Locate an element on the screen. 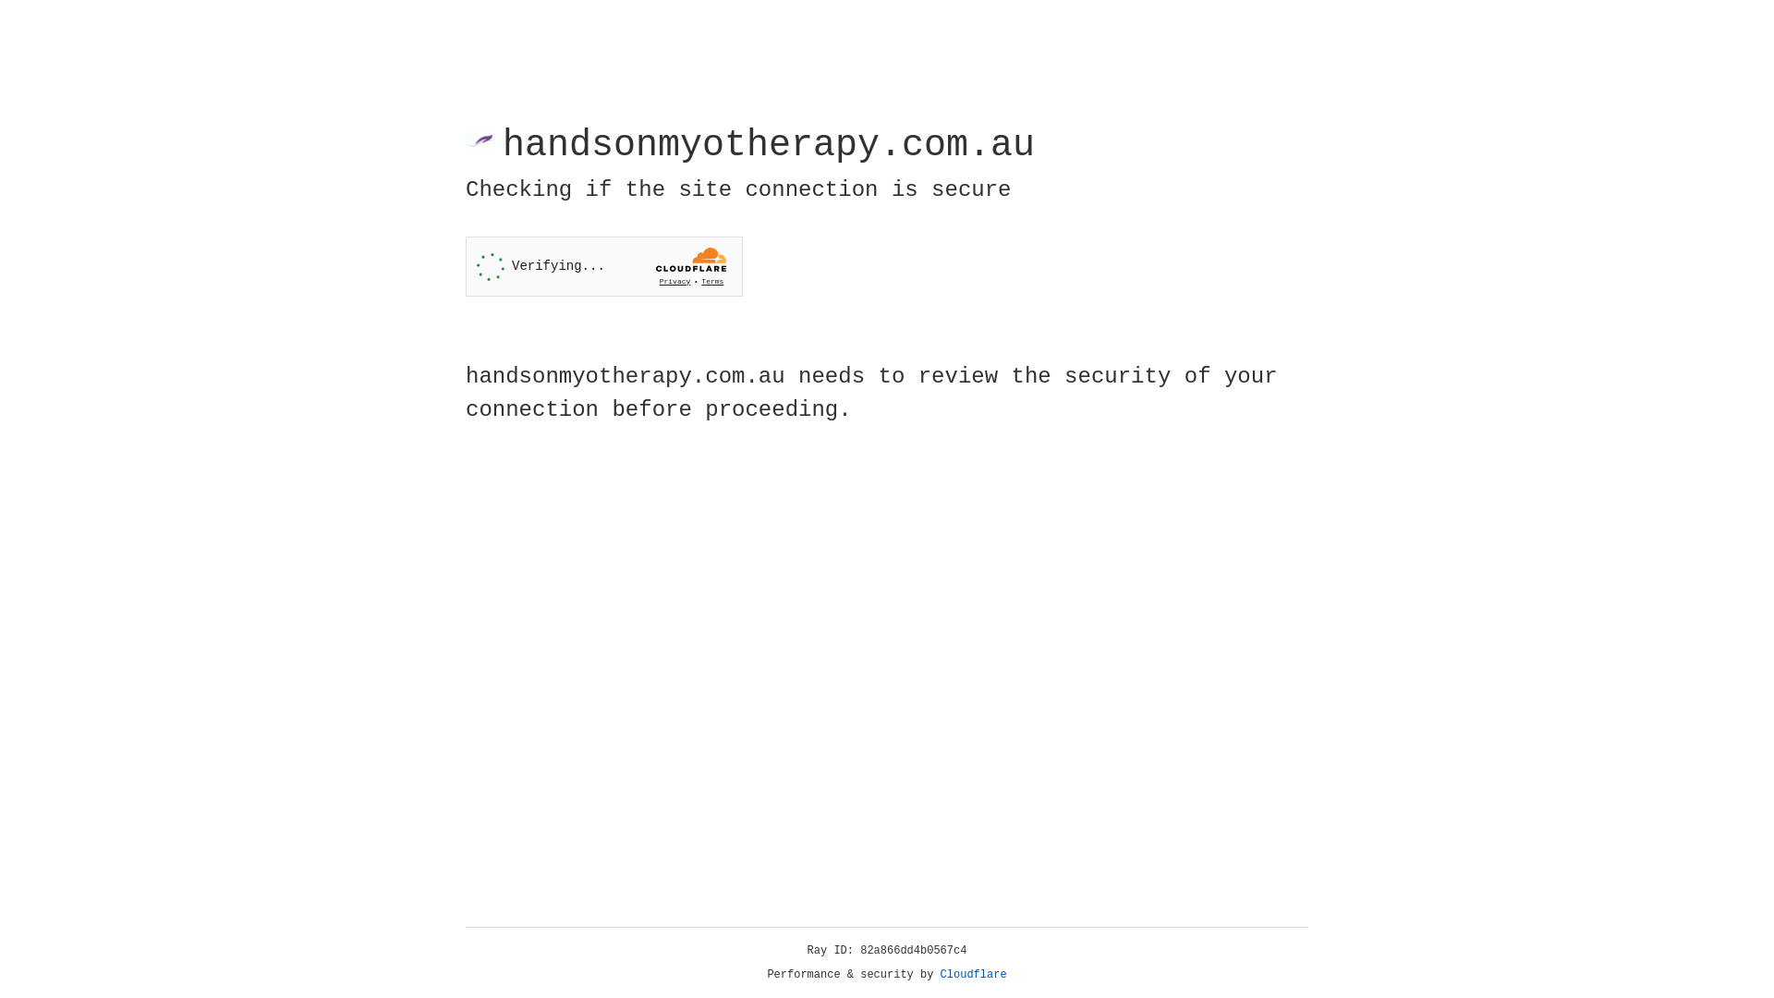  'Widget containing a Cloudflare security challenge' is located at coordinates (603, 266).